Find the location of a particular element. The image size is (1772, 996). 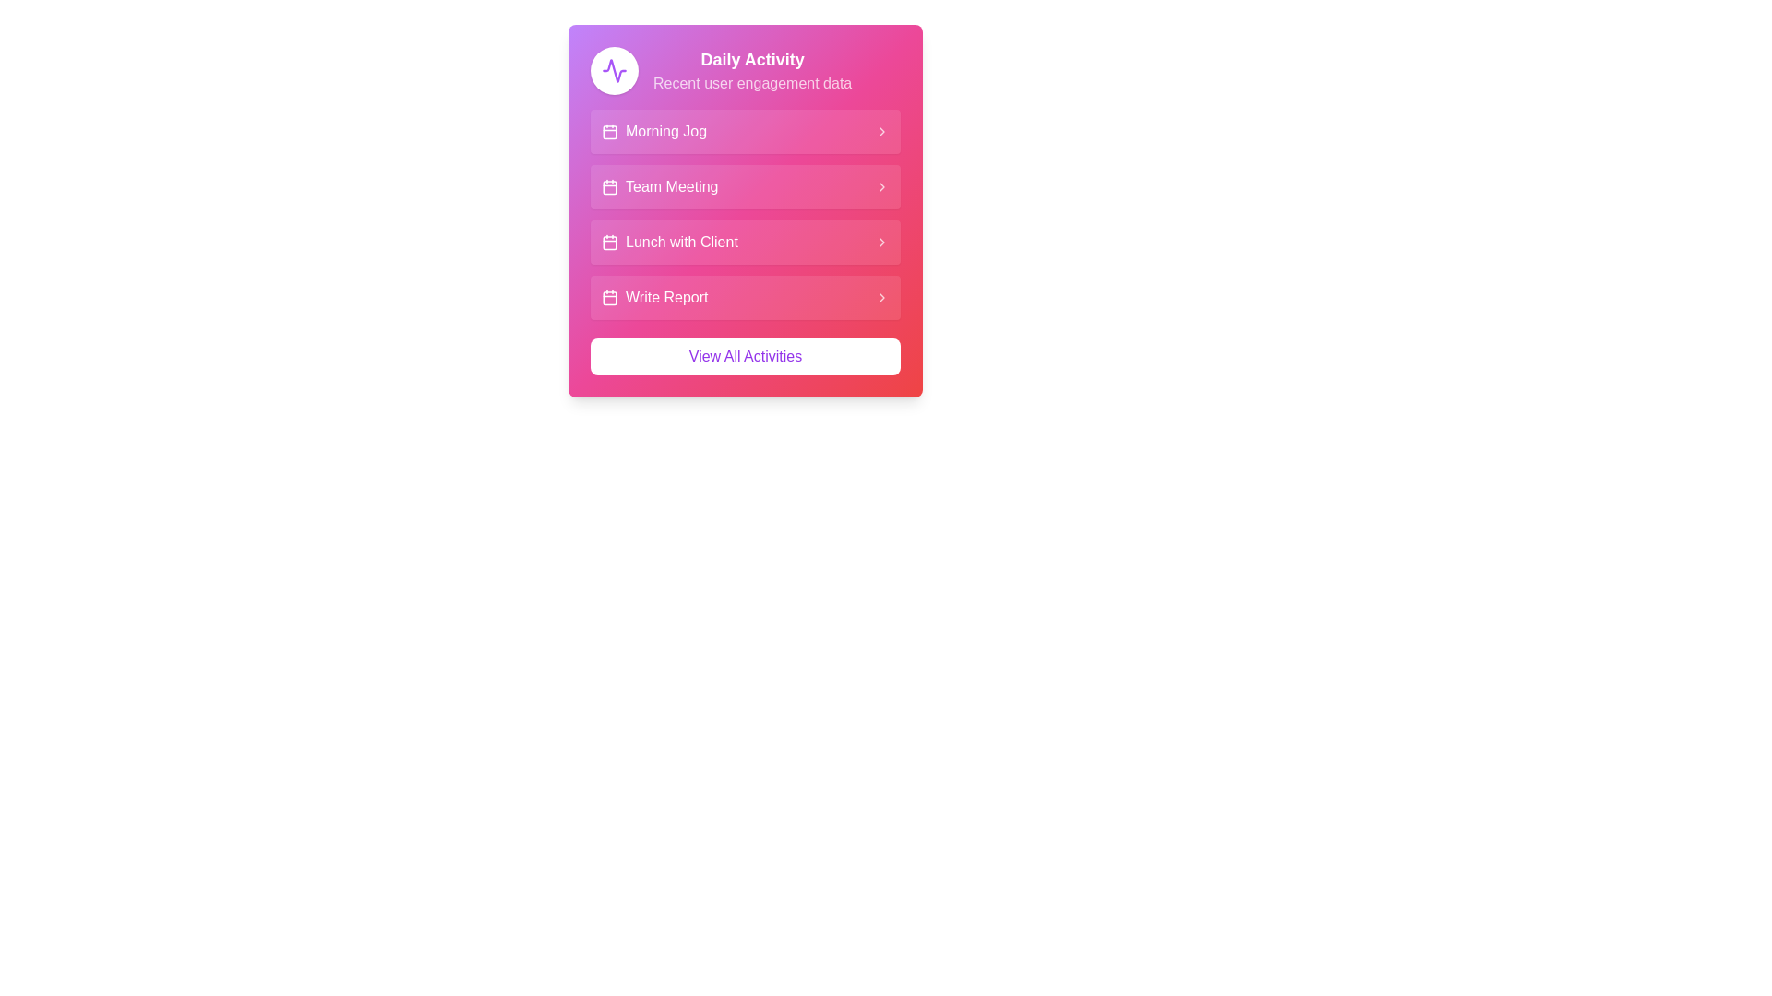

the purple activity graph icon with a white circular background located at the top-left corner of the 'Daily Activity' card is located at coordinates (615, 70).